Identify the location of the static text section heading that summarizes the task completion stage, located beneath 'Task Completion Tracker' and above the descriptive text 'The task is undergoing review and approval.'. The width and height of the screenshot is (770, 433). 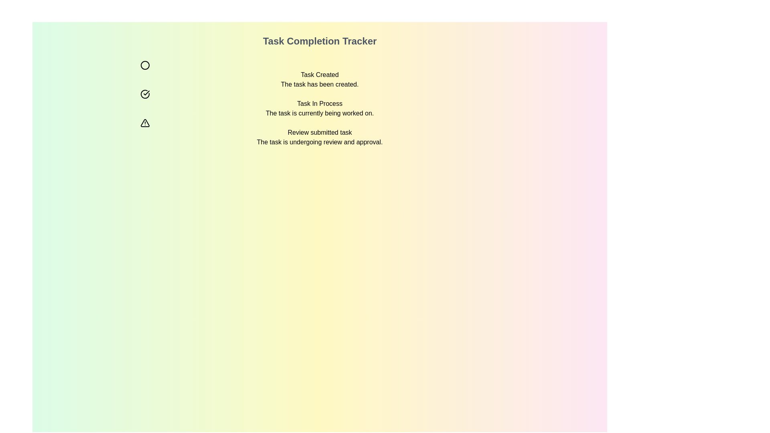
(319, 132).